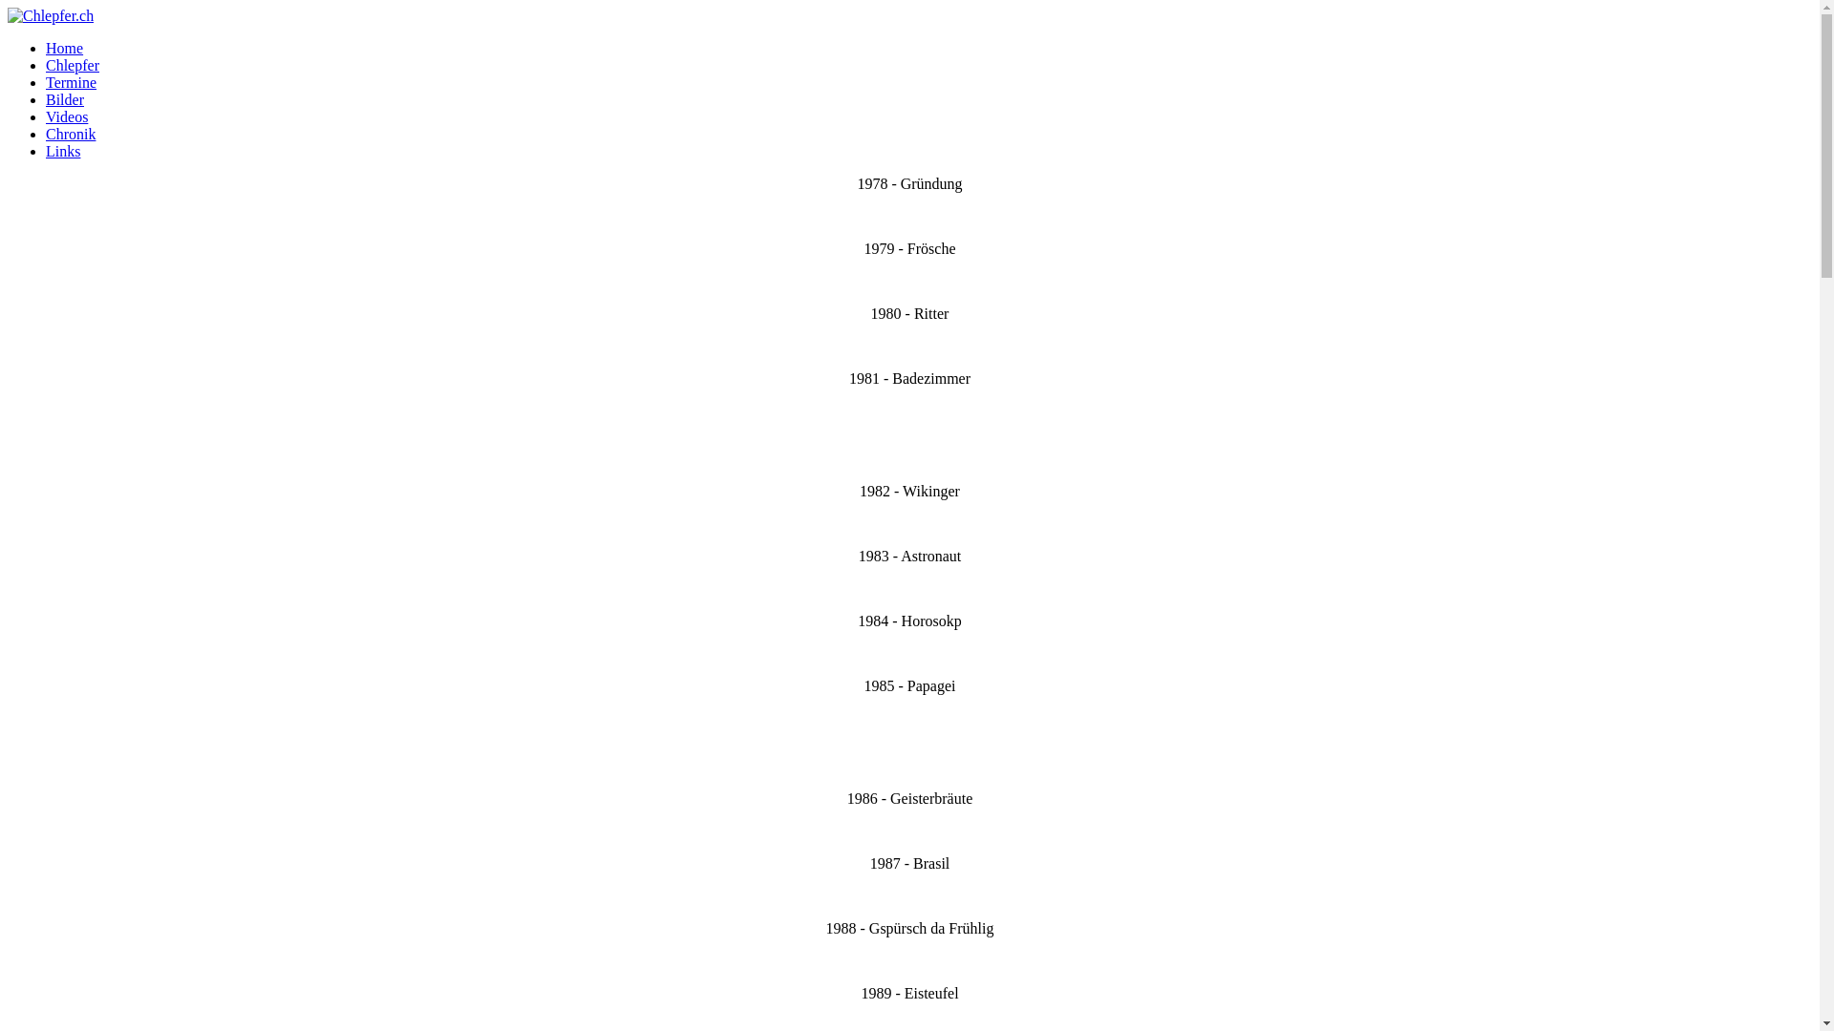 The height and width of the screenshot is (1031, 1834). I want to click on 'Termine', so click(46, 81).